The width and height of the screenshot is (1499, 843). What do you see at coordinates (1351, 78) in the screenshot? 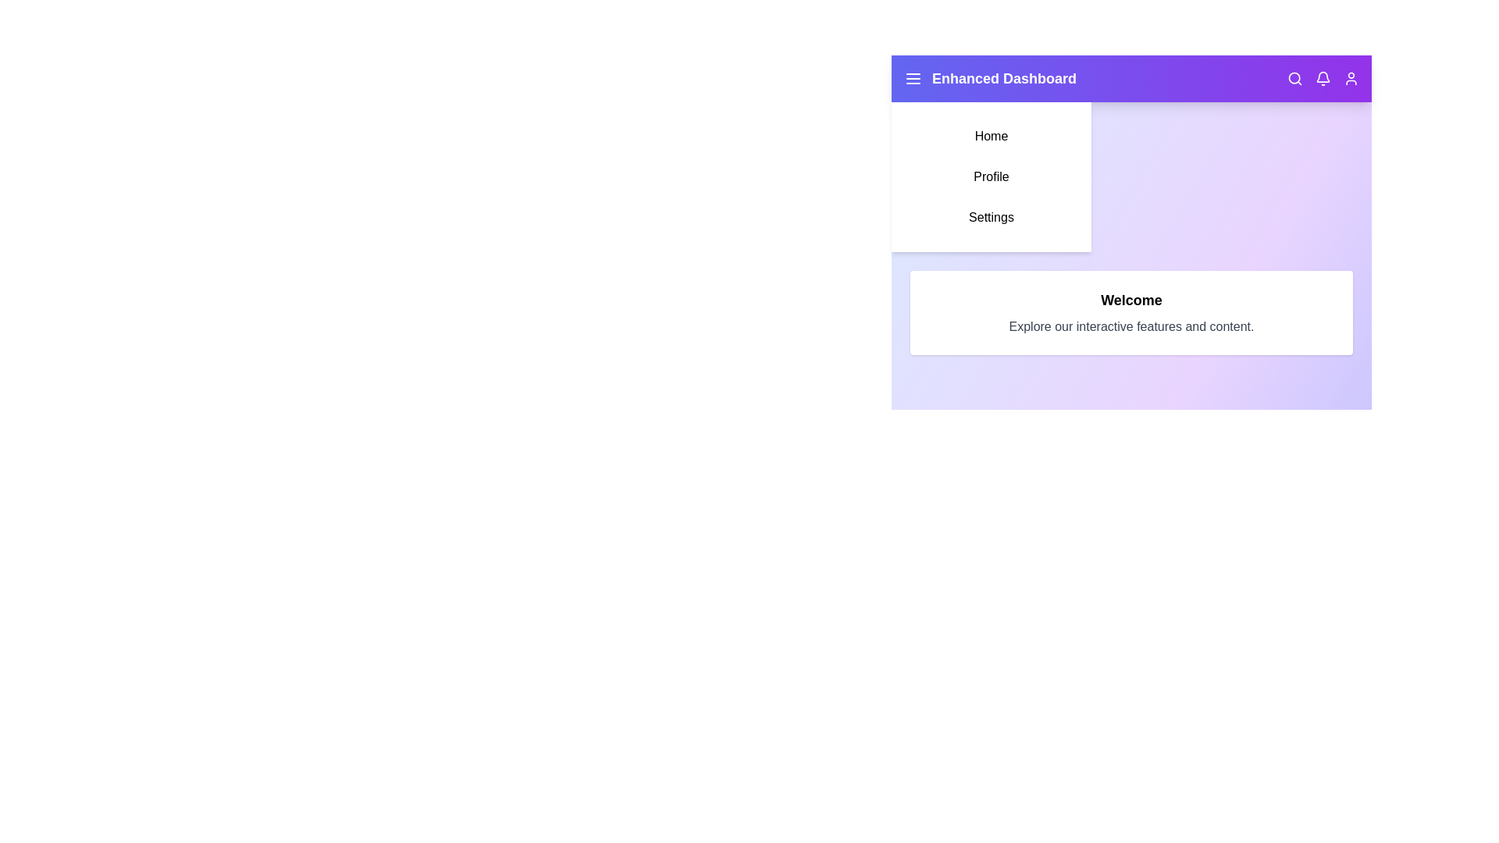
I see `the 'User' icon in the EnhancedAppBar to open user-related options` at bounding box center [1351, 78].